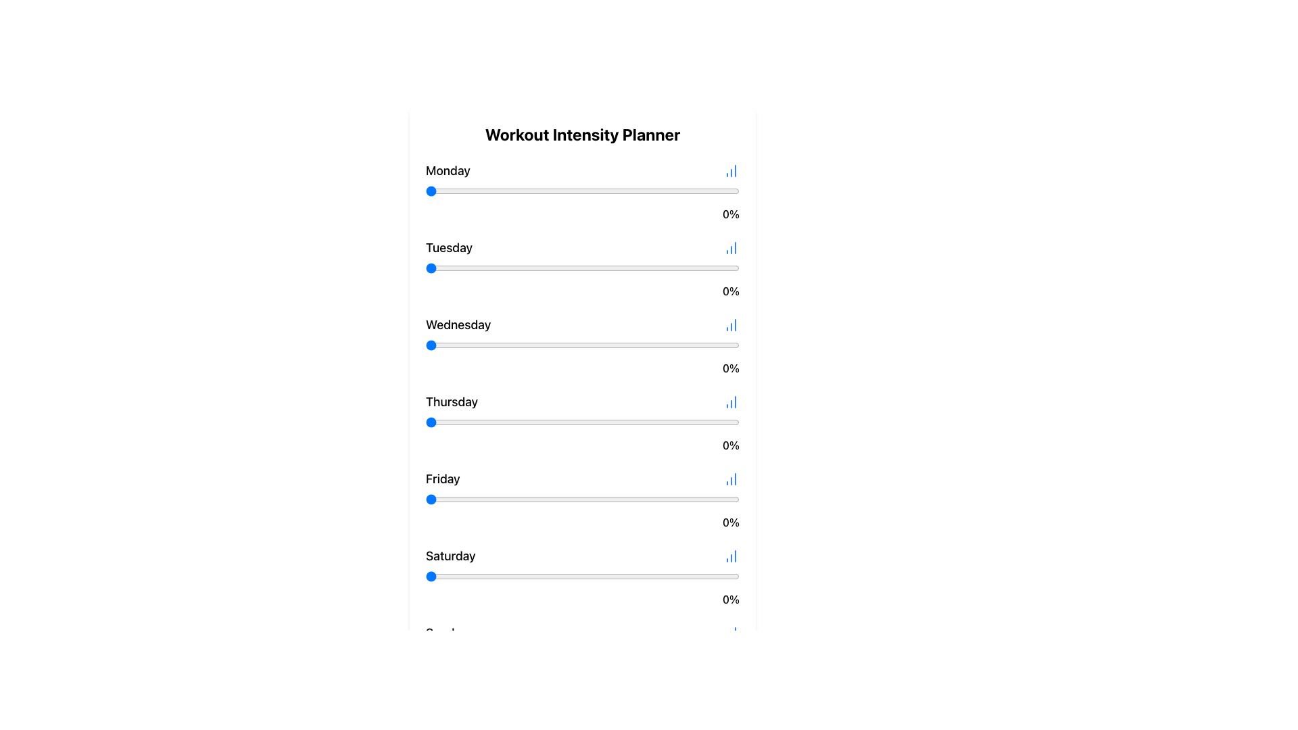  Describe the element at coordinates (557, 191) in the screenshot. I see `Monday's intensity` at that location.